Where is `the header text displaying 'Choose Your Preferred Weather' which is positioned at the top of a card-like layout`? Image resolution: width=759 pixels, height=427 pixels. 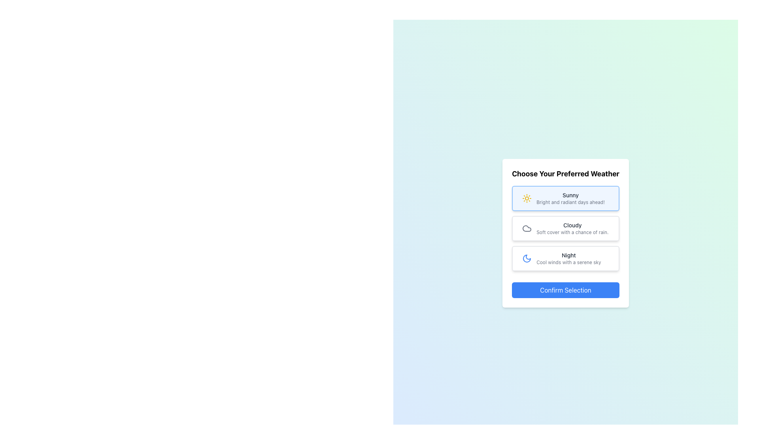 the header text displaying 'Choose Your Preferred Weather' which is positioned at the top of a card-like layout is located at coordinates (565, 173).